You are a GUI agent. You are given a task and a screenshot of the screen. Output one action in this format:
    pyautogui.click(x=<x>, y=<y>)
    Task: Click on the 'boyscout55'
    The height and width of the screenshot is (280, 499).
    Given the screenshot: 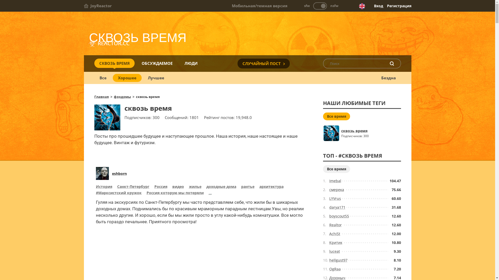 What is the action you would take?
    pyautogui.click(x=339, y=216)
    